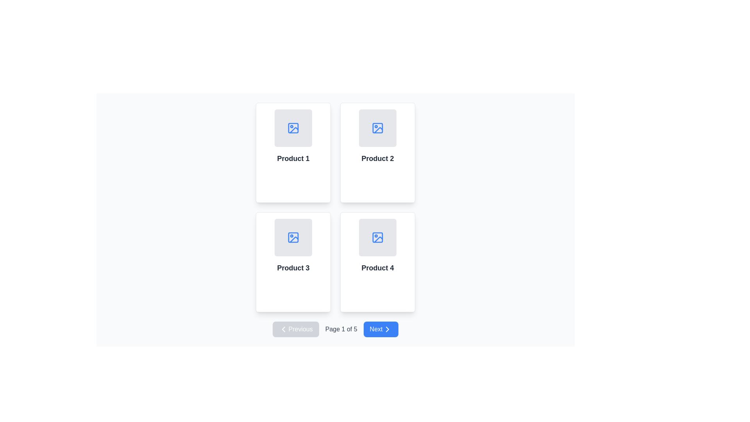 The width and height of the screenshot is (750, 422). What do you see at coordinates (377, 127) in the screenshot?
I see `the top-left rectangular section of the 'image' icon for 'Product 2', which resembles a picture frame within a larger icon group` at bounding box center [377, 127].